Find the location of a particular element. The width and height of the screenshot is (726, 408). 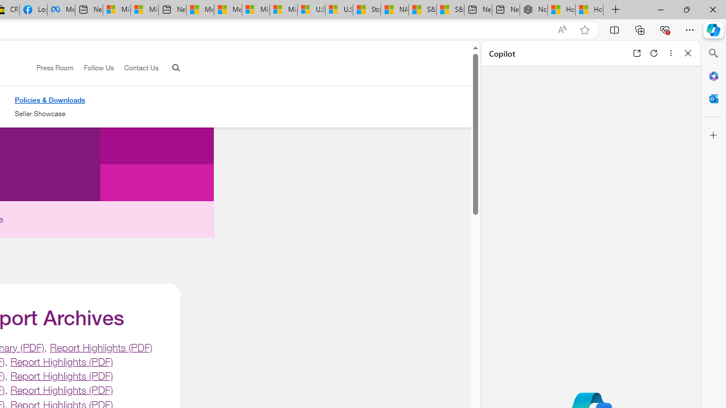

'Follow Us' is located at coordinates (94, 68).